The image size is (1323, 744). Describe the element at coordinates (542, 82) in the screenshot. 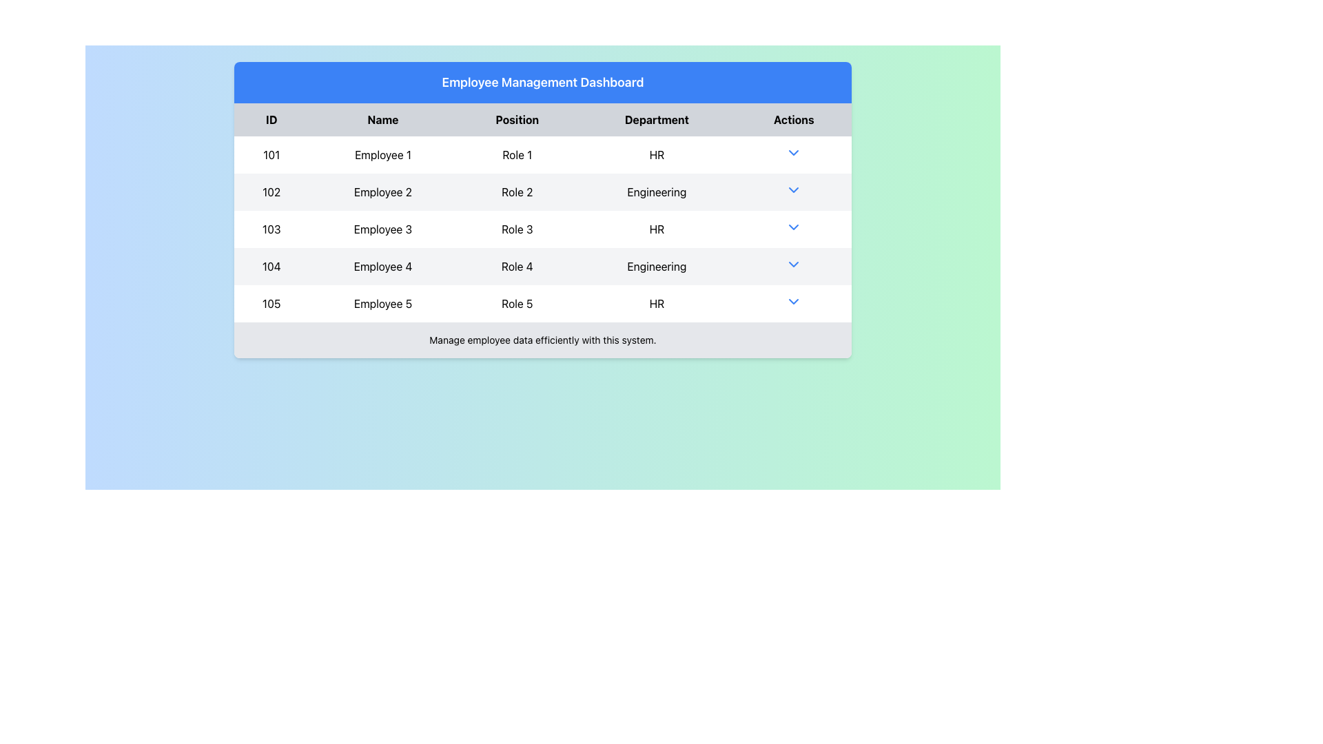

I see `the header text 'Employee Management Dashboard' which is displayed in bold, white text on a blue background, located at the top of the interface` at that location.